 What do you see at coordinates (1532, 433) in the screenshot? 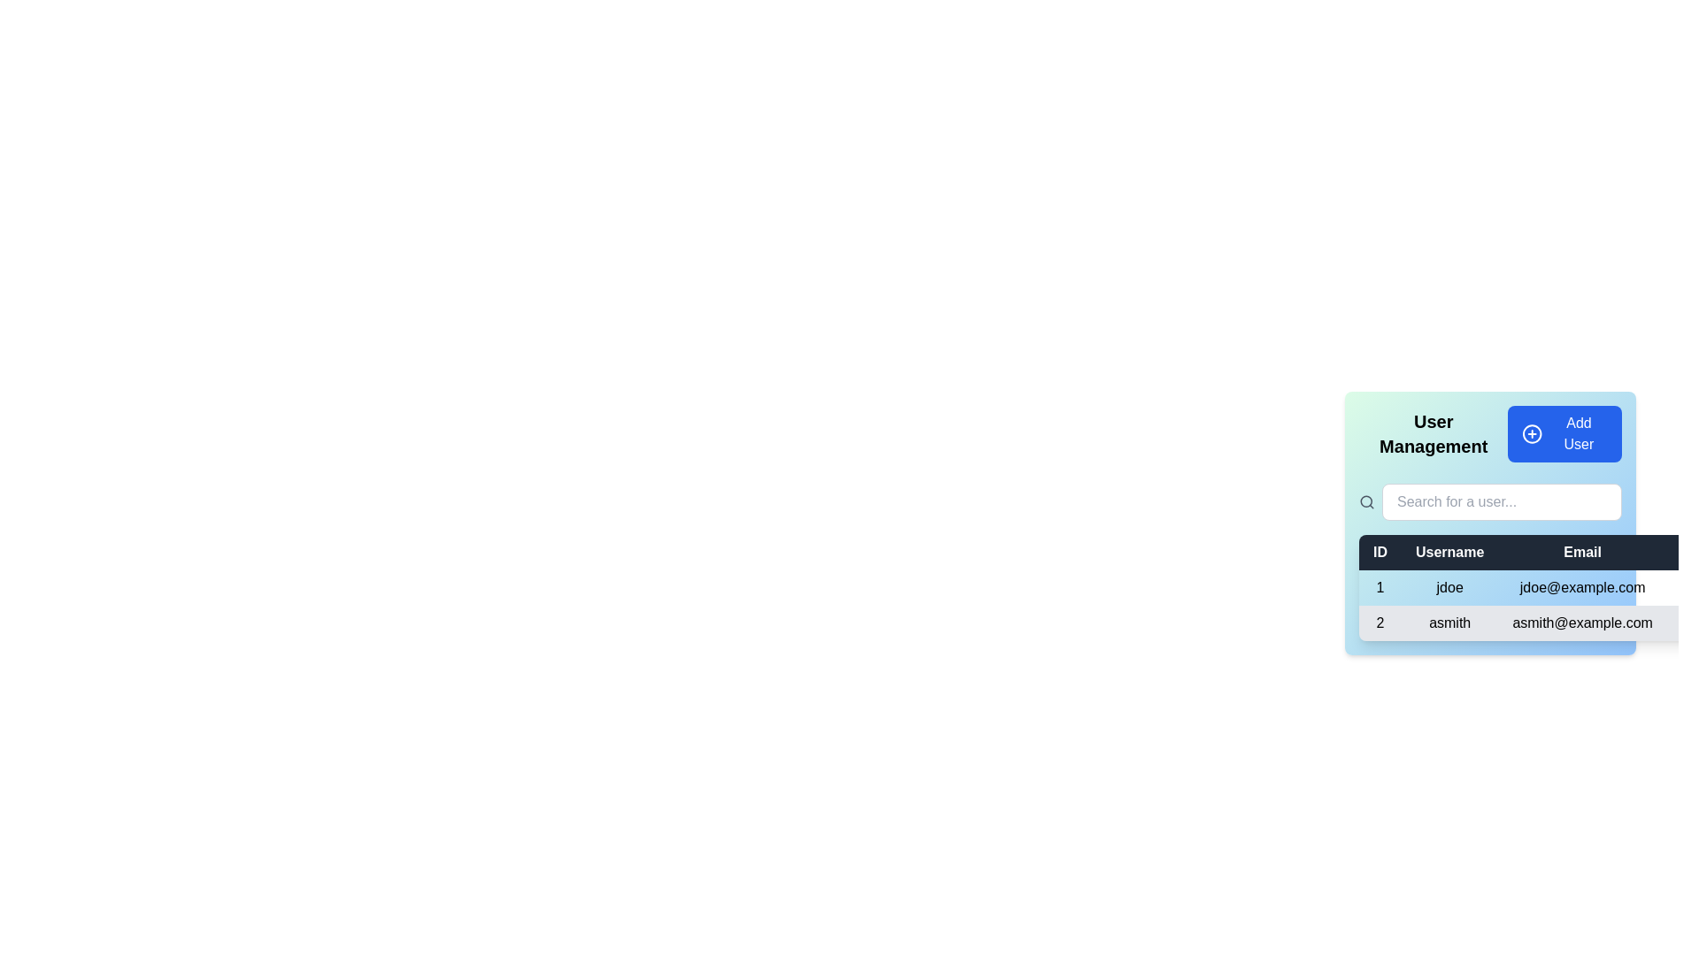
I see `the circular icon with a blue border and a white center containing a plus symbol, located to the left of the 'Add User' text within the button` at bounding box center [1532, 433].